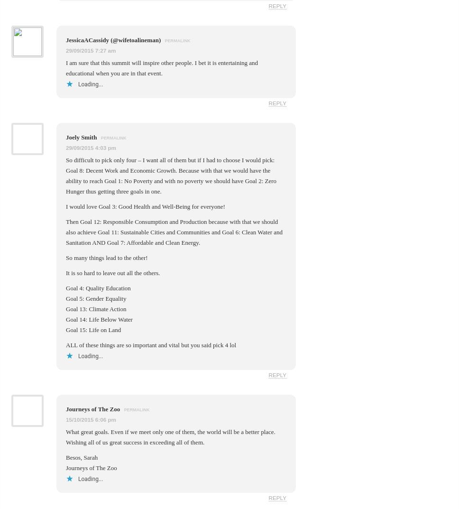 The image size is (459, 509). What do you see at coordinates (96, 297) in the screenshot?
I see `'Goal 5: Gender Equality'` at bounding box center [96, 297].